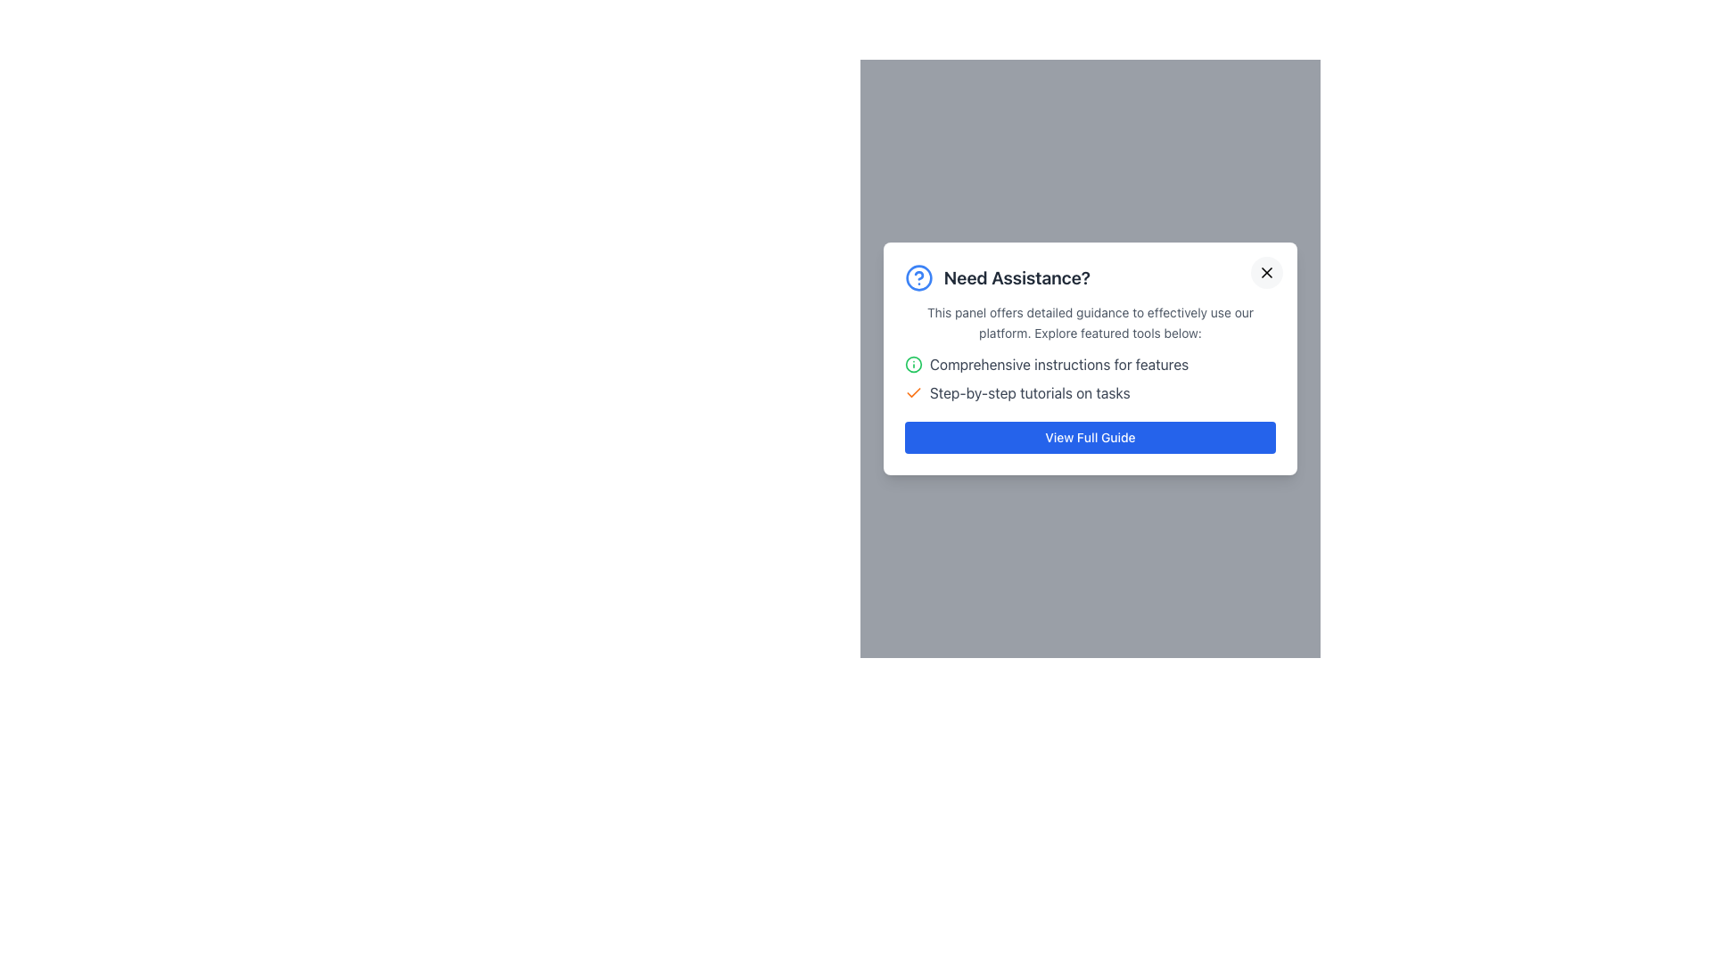 The height and width of the screenshot is (963, 1712). Describe the element at coordinates (918, 277) in the screenshot. I see `the help icon located to the left of the 'Need Assistance?' text in the header of the modal dialog box` at that location.